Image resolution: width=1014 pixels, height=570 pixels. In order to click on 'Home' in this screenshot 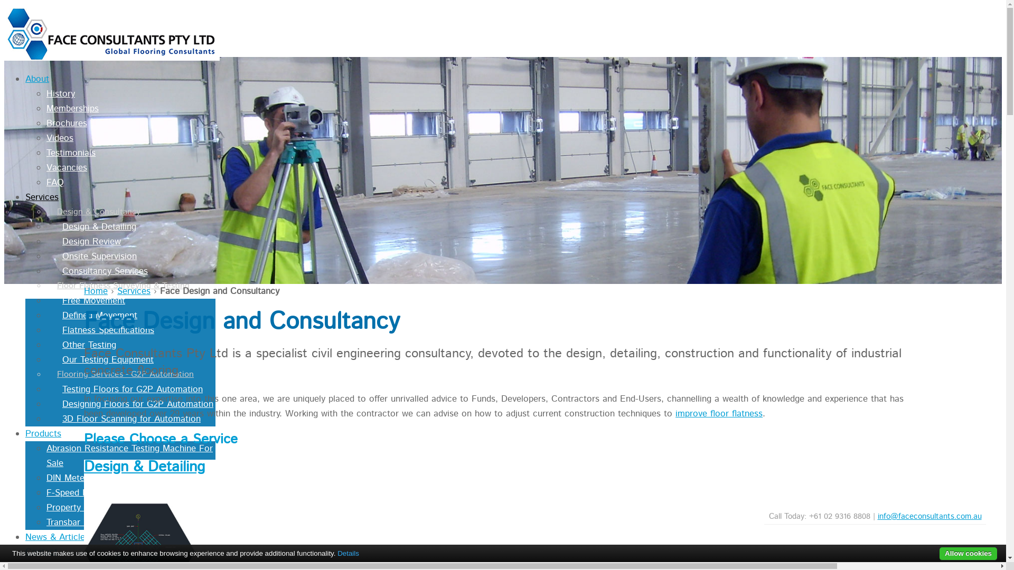, I will do `click(96, 291)`.